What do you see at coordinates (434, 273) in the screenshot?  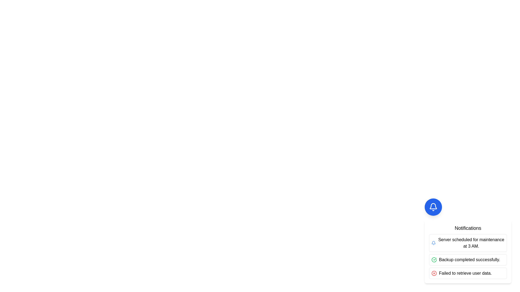 I see `the Error indicator icon, which is a circular shape with a cross design in the center, located in the notifications panel` at bounding box center [434, 273].